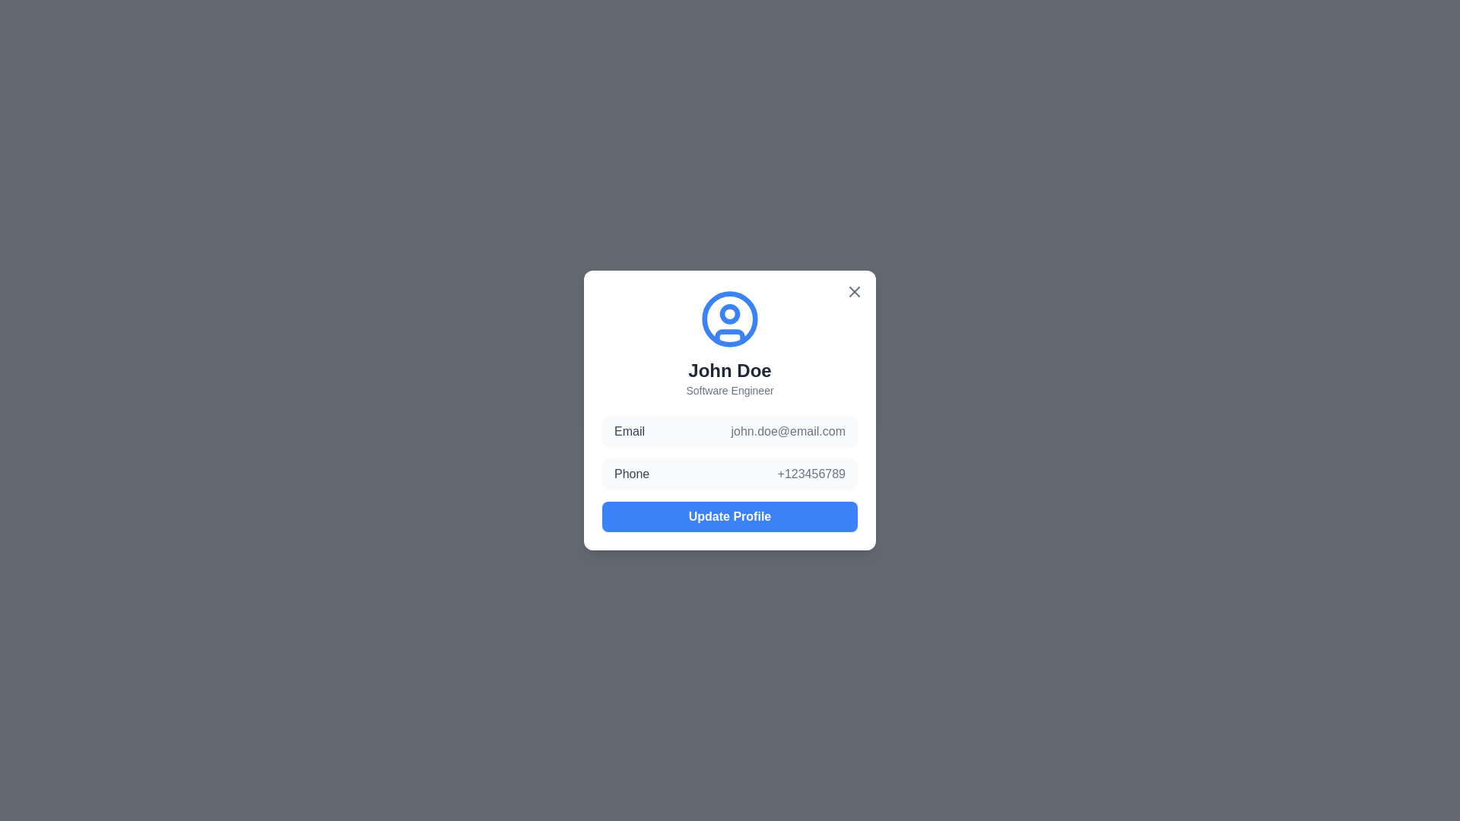 This screenshot has width=1460, height=821. Describe the element at coordinates (730, 371) in the screenshot. I see `the text label displaying the user's name located below the avatar icon and above the 'Software Engineer' label within the profile card layout` at that location.